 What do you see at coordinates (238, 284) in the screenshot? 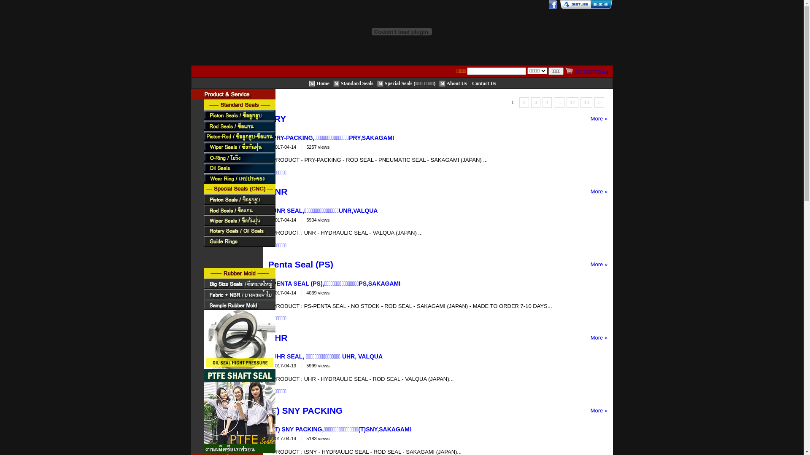
I see `'Big Size Seals'` at bounding box center [238, 284].